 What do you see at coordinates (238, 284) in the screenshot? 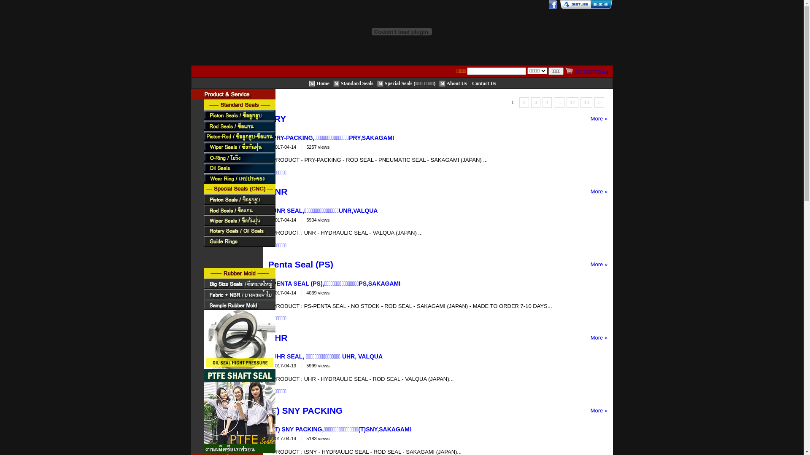
I see `'Big Size Seals'` at bounding box center [238, 284].